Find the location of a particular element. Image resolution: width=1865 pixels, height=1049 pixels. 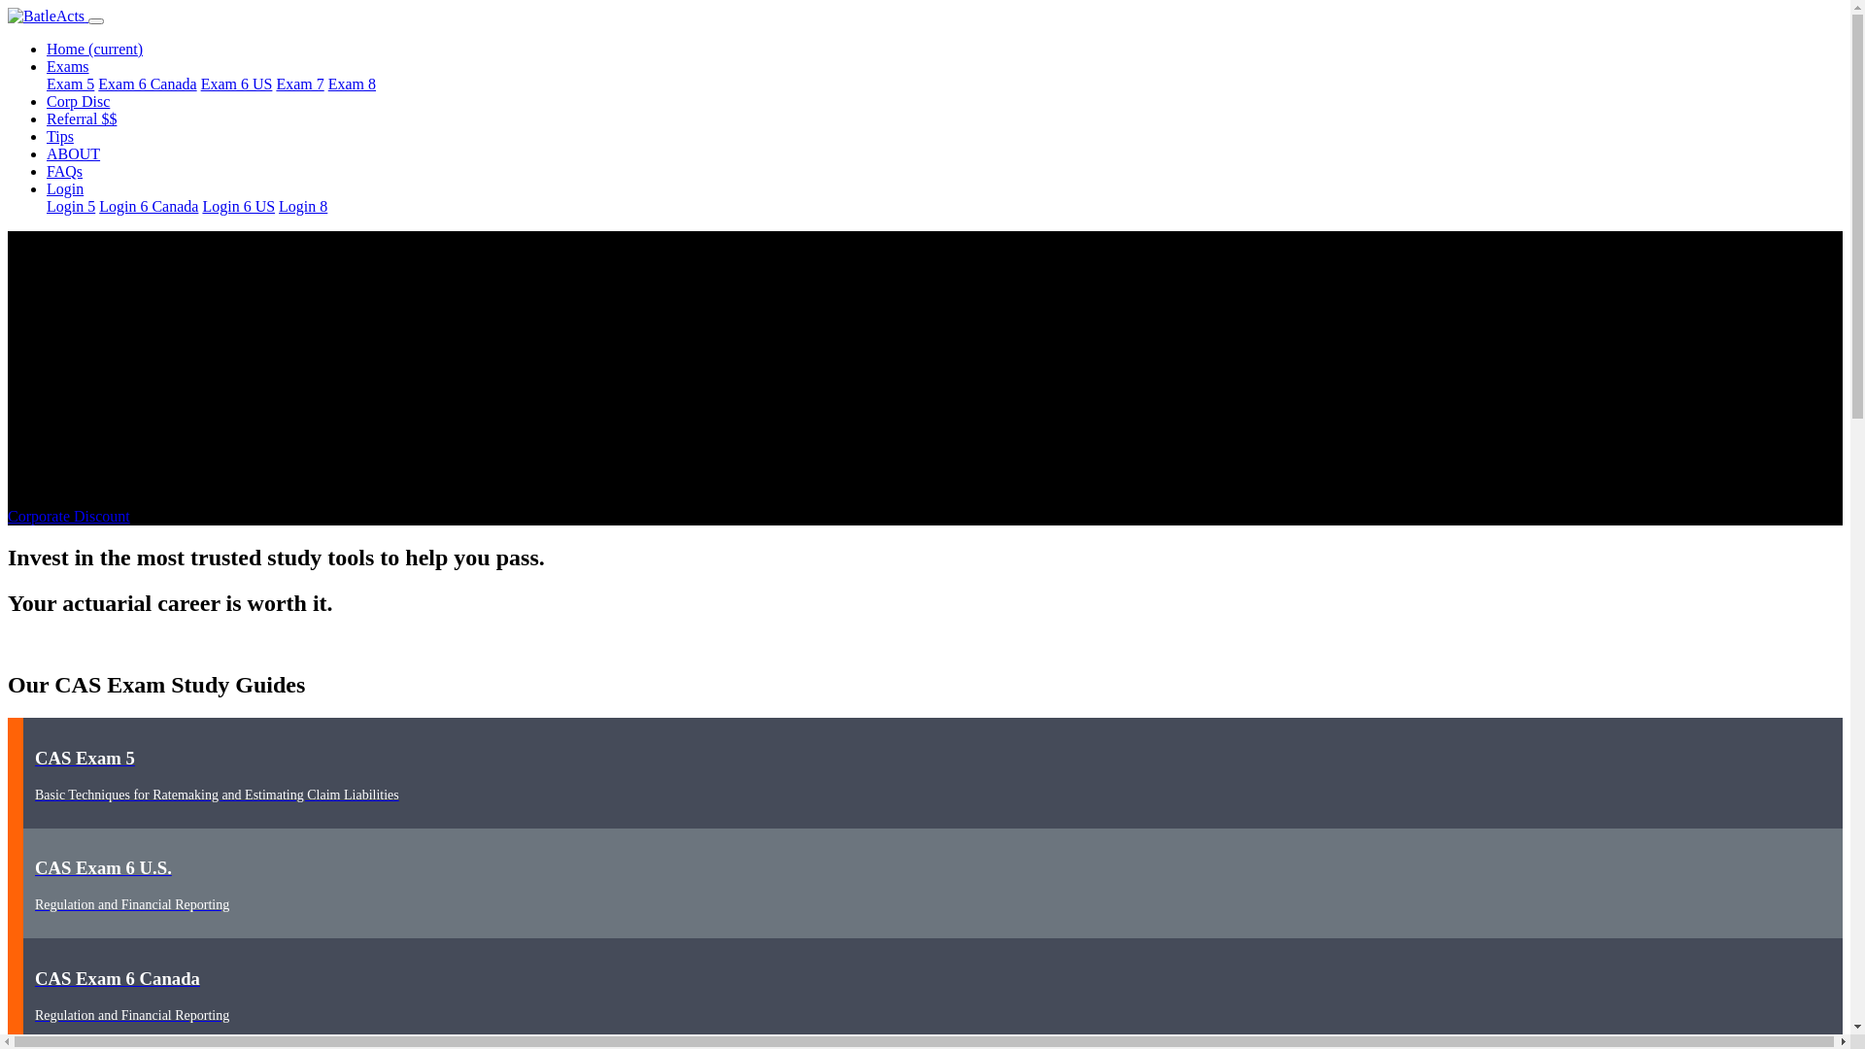

'Corporate Discount' is located at coordinates (69, 515).